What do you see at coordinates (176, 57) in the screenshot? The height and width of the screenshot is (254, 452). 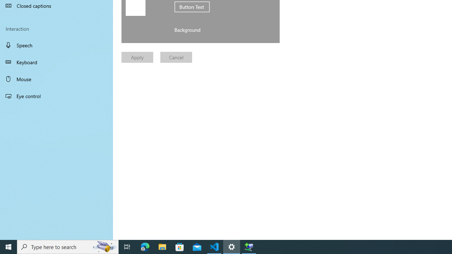 I see `'Cancel'` at bounding box center [176, 57].